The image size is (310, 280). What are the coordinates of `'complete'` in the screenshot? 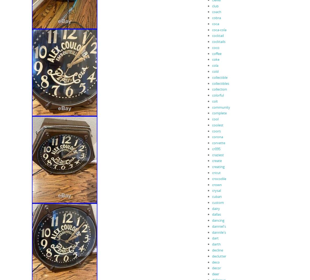 It's located at (219, 113).